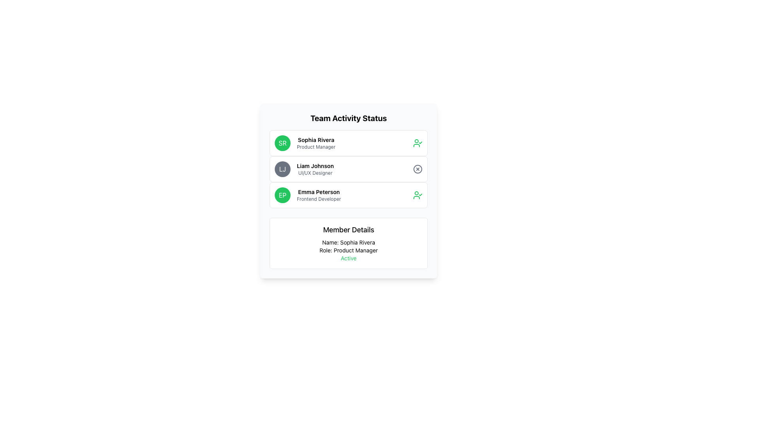 The image size is (759, 426). Describe the element at coordinates (319, 195) in the screenshot. I see `the Stacked text component displaying the name 'Emma Peterson' and her role as 'Frontend Developer', located in the third section of the 'Team Activity Status' card, right of the green circular icon with initials 'EP'` at that location.